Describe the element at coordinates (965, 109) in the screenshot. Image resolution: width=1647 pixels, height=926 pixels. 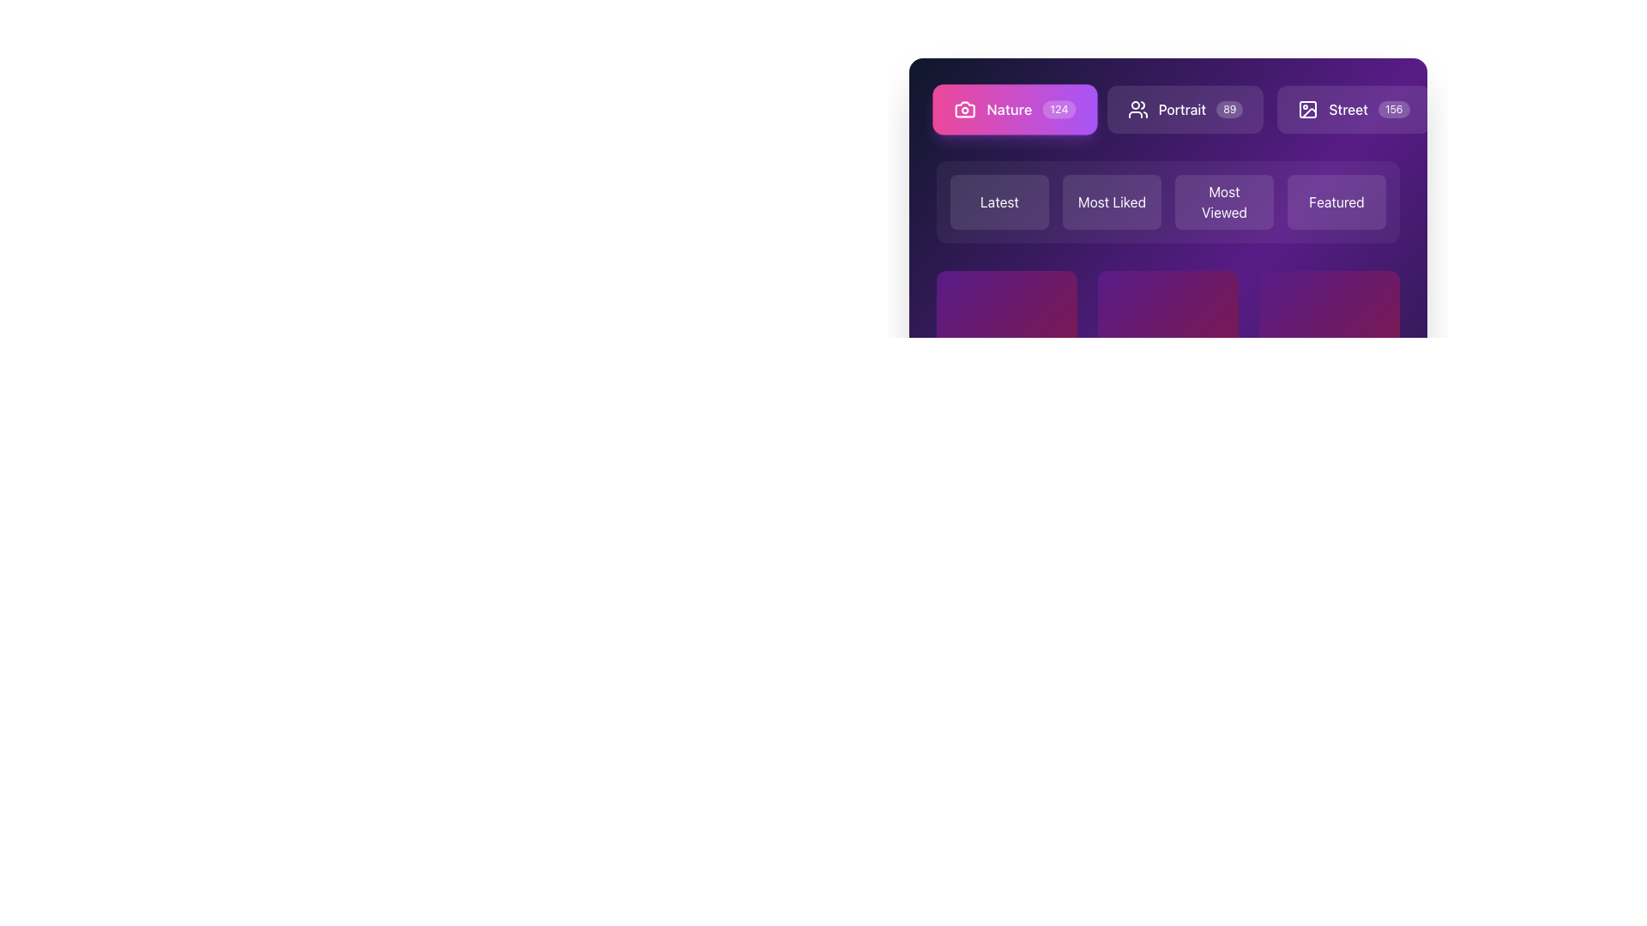
I see `the camera icon, which is represented with a line-drawing style on a solid pink background, located before the text 'Nature' and to the left of the badge '124'` at that location.